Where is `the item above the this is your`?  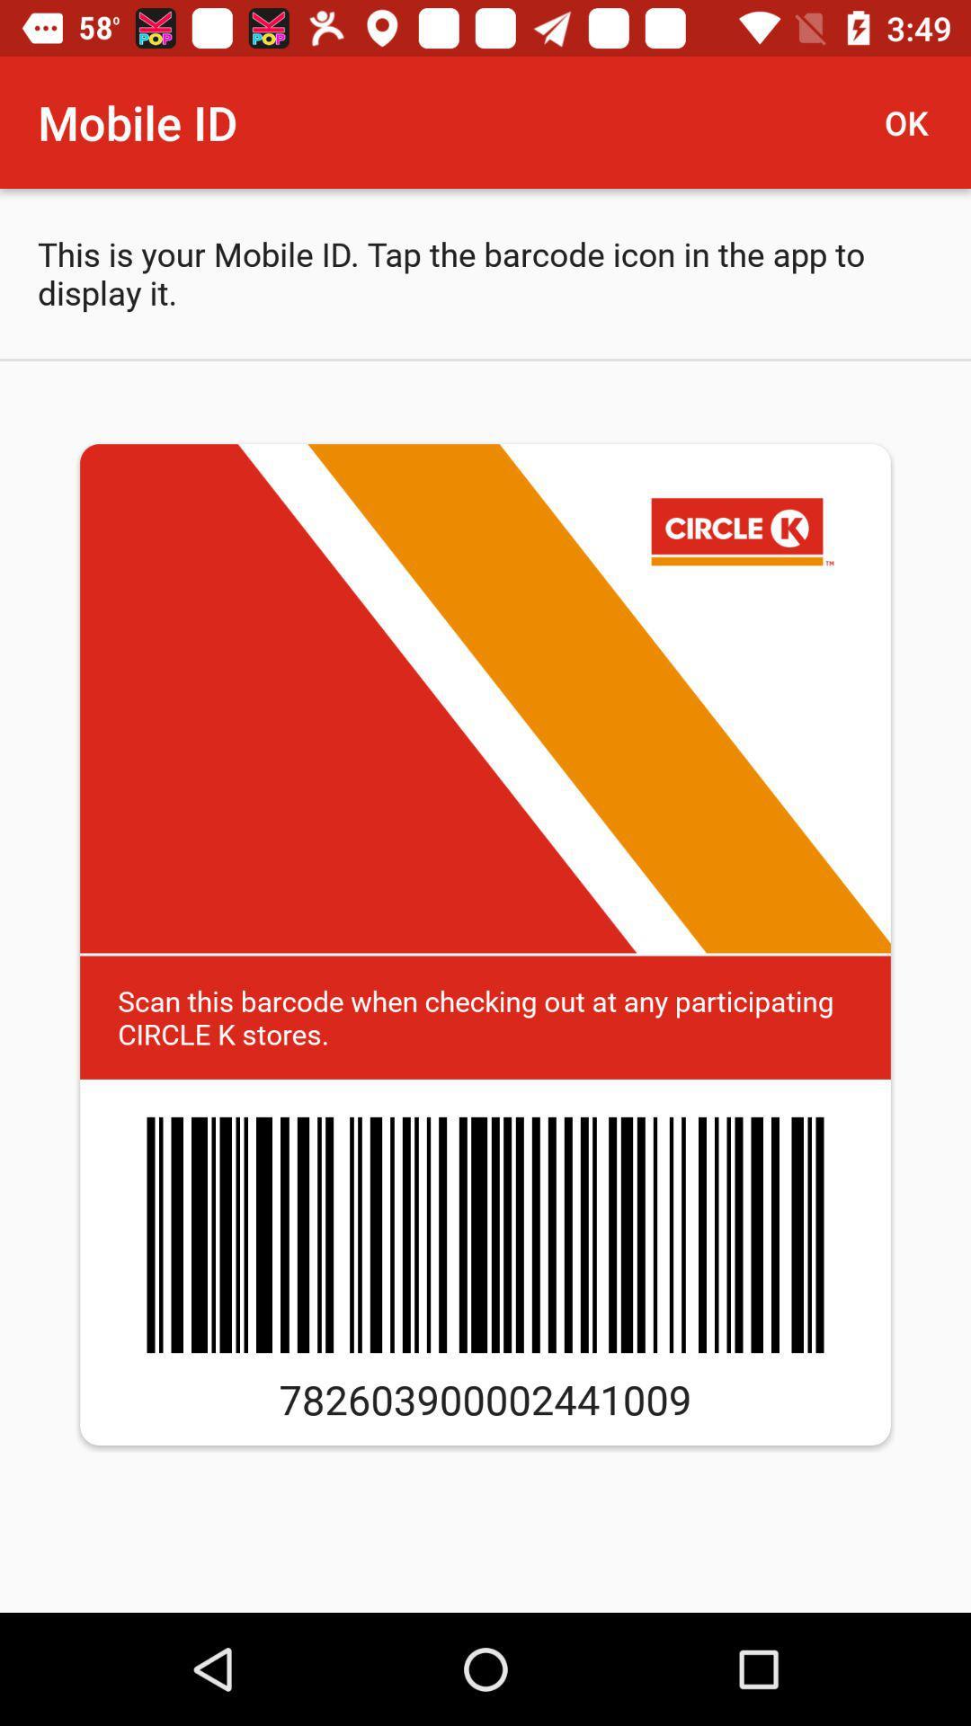
the item above the this is your is located at coordinates (914, 121).